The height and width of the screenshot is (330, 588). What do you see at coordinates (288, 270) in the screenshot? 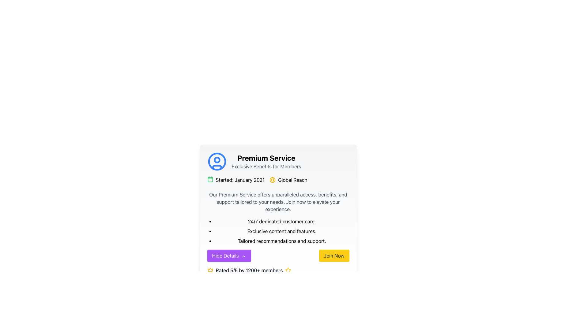
I see `text associated with the star icon, which indicates a rating of 'Rated 5/5 by 1200+ members'` at bounding box center [288, 270].